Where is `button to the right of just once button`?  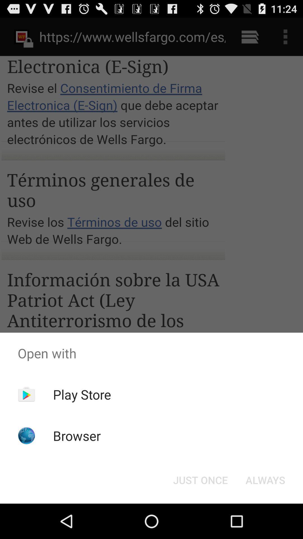 button to the right of just once button is located at coordinates (265, 479).